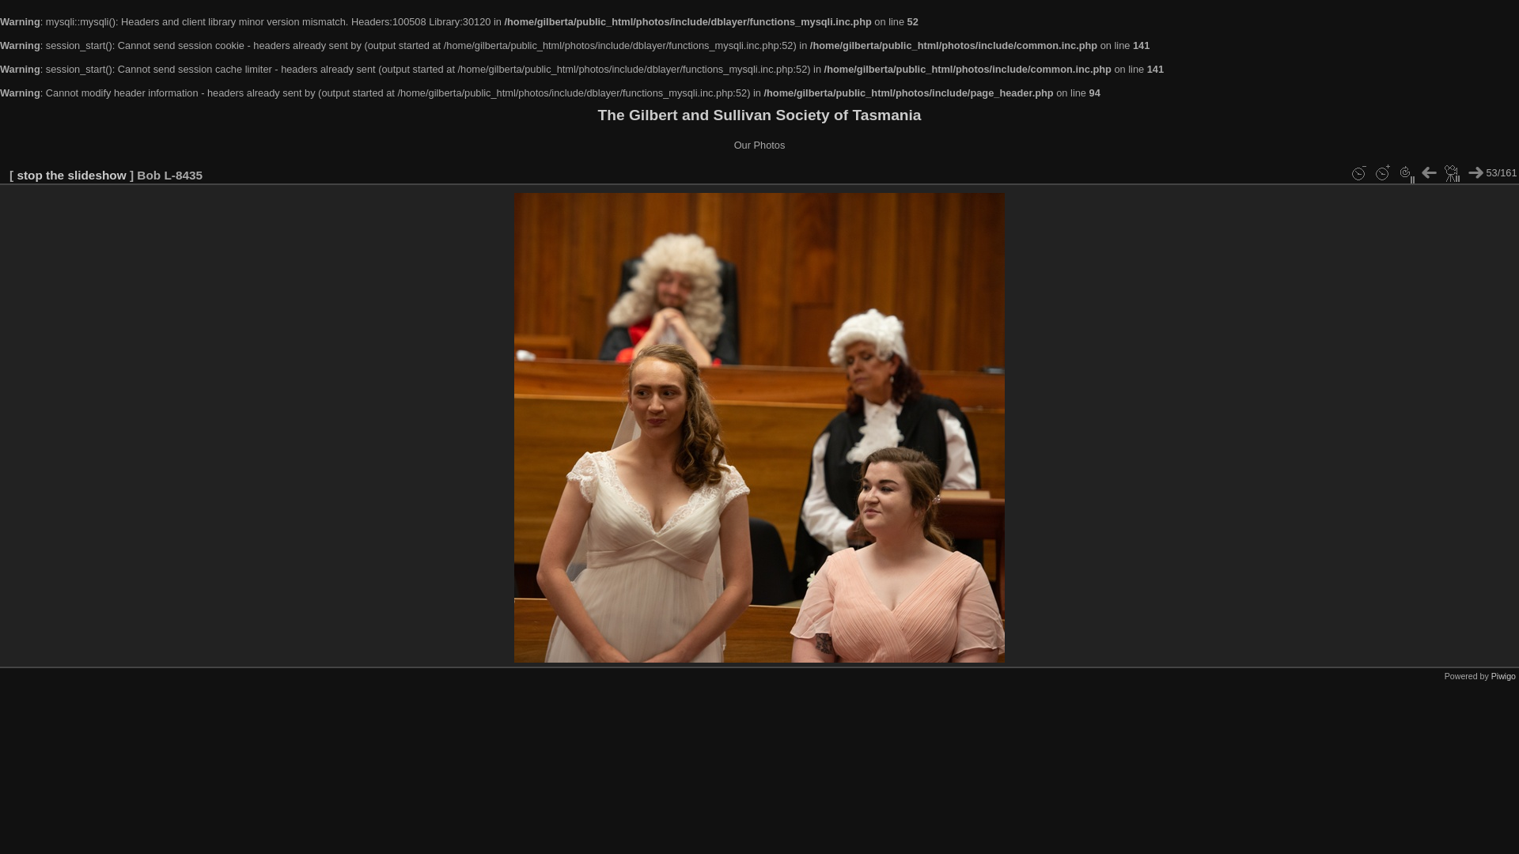  Describe the element at coordinates (1358, 173) in the screenshot. I see `'Reduce slideshow speed'` at that location.